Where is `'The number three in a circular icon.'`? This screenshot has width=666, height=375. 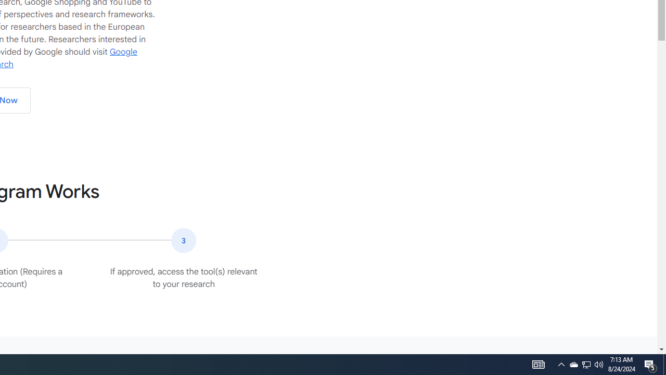 'The number three in a circular icon.' is located at coordinates (184, 240).